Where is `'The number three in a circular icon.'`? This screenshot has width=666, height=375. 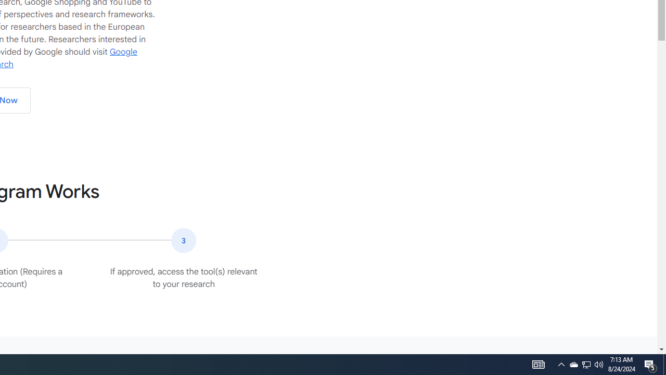 'The number three in a circular icon.' is located at coordinates (184, 240).